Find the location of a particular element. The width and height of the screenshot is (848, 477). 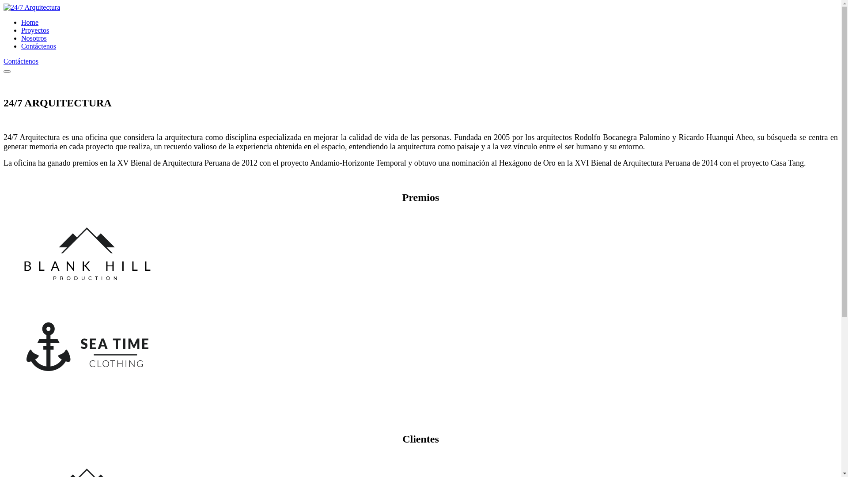

'Proyectos' is located at coordinates (35, 30).